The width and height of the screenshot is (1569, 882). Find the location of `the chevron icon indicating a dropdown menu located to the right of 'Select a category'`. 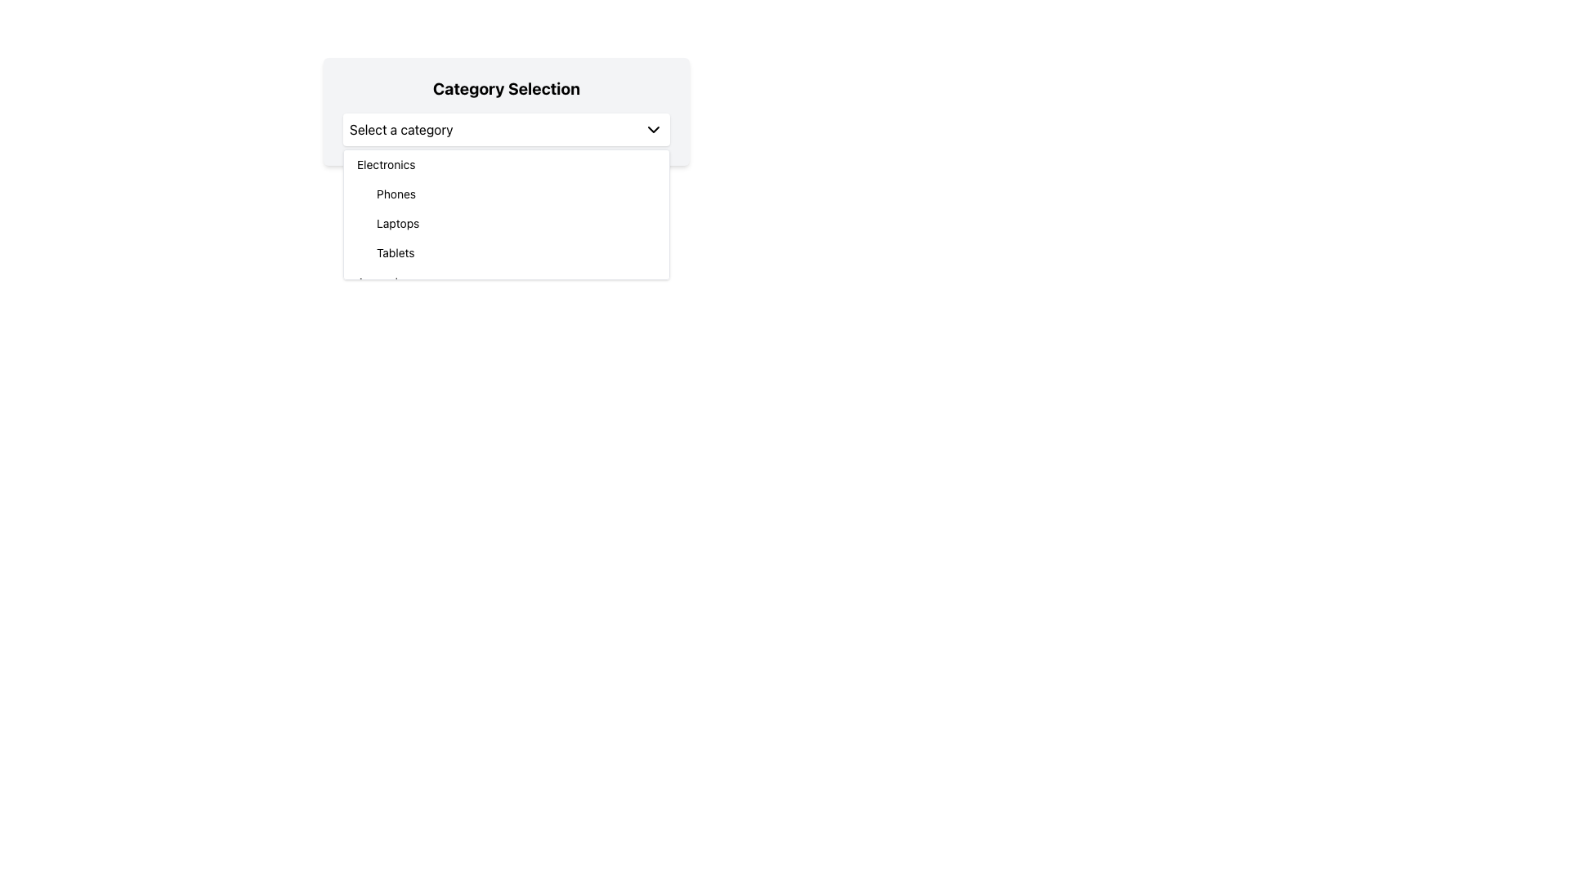

the chevron icon indicating a dropdown menu located to the right of 'Select a category' is located at coordinates (654, 128).